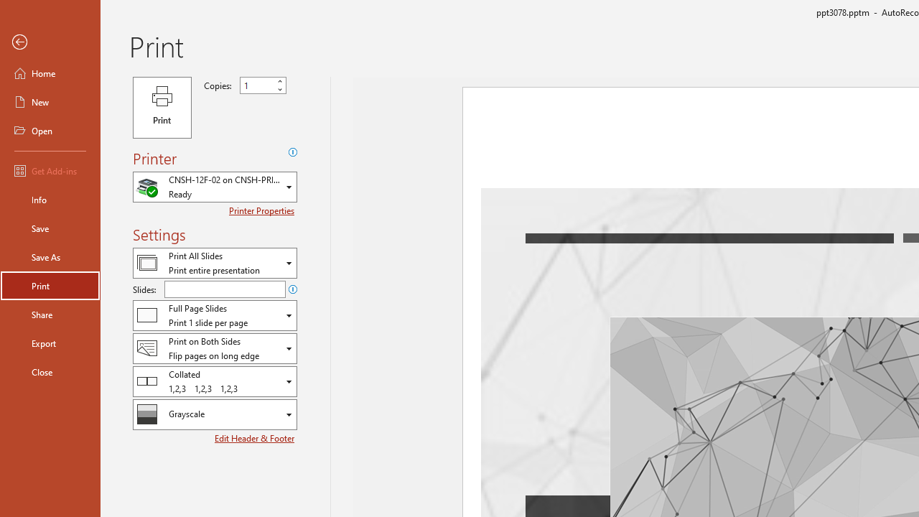 This screenshot has width=919, height=517. I want to click on 'New', so click(50, 101).